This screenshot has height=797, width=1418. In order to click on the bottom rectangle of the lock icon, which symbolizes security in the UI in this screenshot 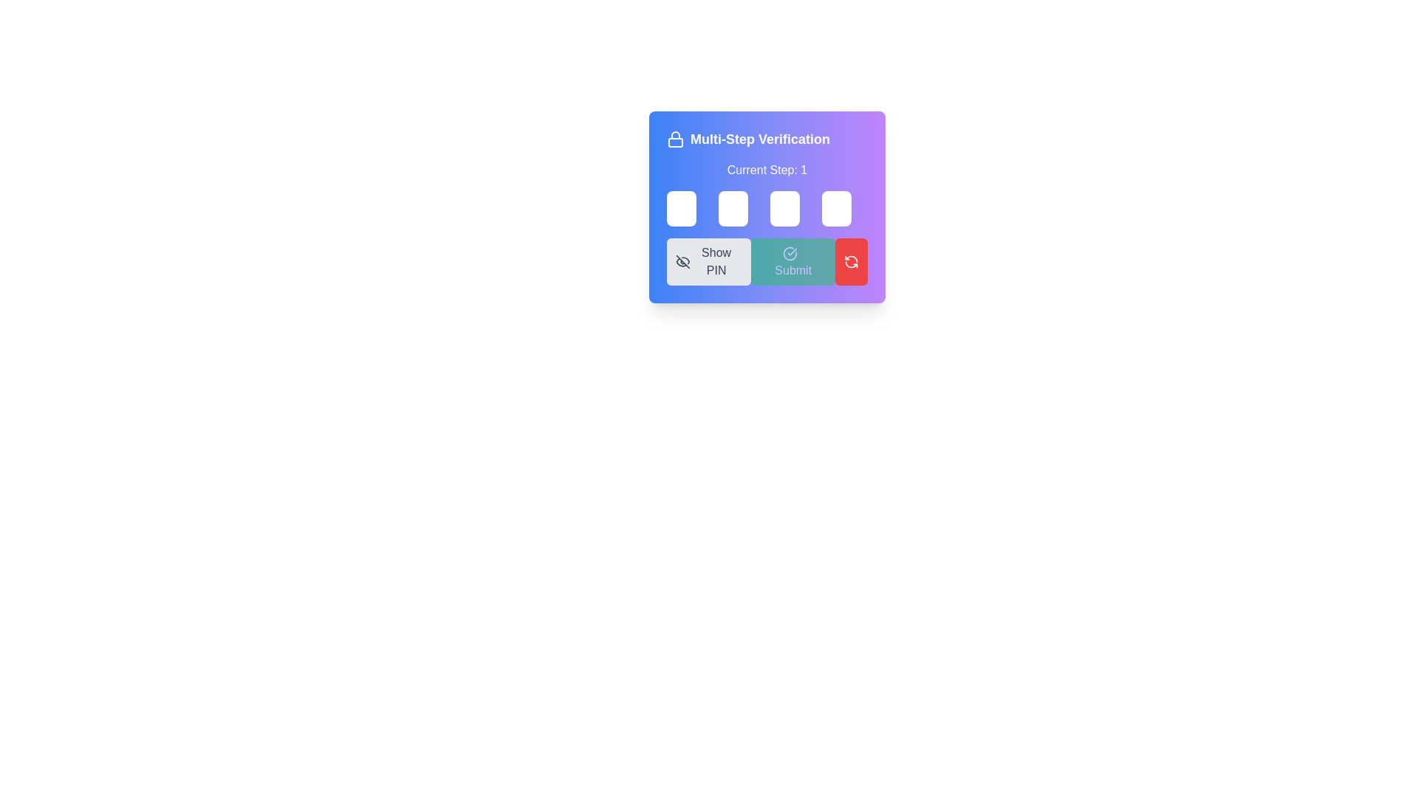, I will do `click(675, 142)`.